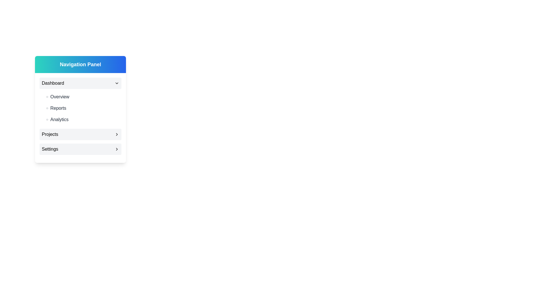 The width and height of the screenshot is (546, 307). What do you see at coordinates (117, 134) in the screenshot?
I see `the right-facing chevron indicator icon located within the 'Projects' button for visual feedback` at bounding box center [117, 134].